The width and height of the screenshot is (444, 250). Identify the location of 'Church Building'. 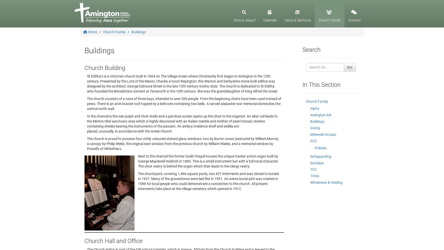
(105, 68).